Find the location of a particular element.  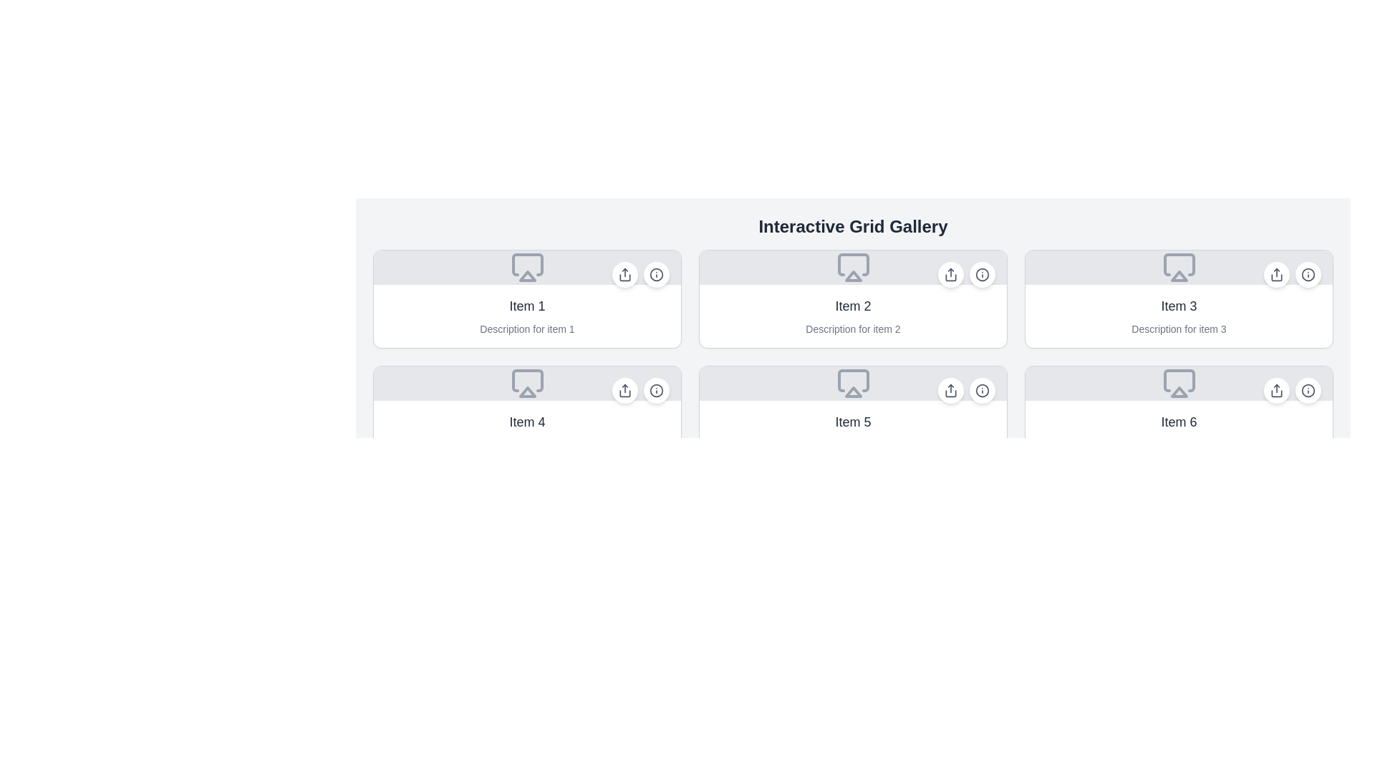

the sharing button located at the top-right corner of 'Item 6' card to trigger visual feedback is located at coordinates (1276, 391).